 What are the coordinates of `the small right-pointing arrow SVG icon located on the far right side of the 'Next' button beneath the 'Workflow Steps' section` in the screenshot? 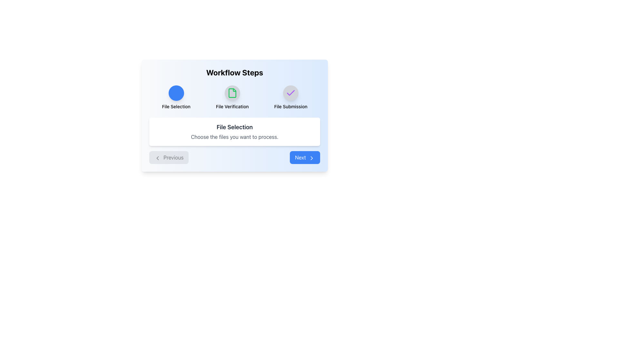 It's located at (311, 158).